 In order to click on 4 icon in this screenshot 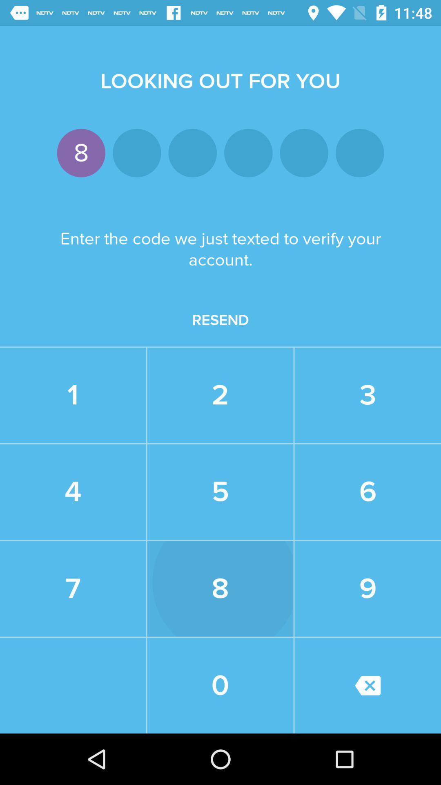, I will do `click(72, 491)`.